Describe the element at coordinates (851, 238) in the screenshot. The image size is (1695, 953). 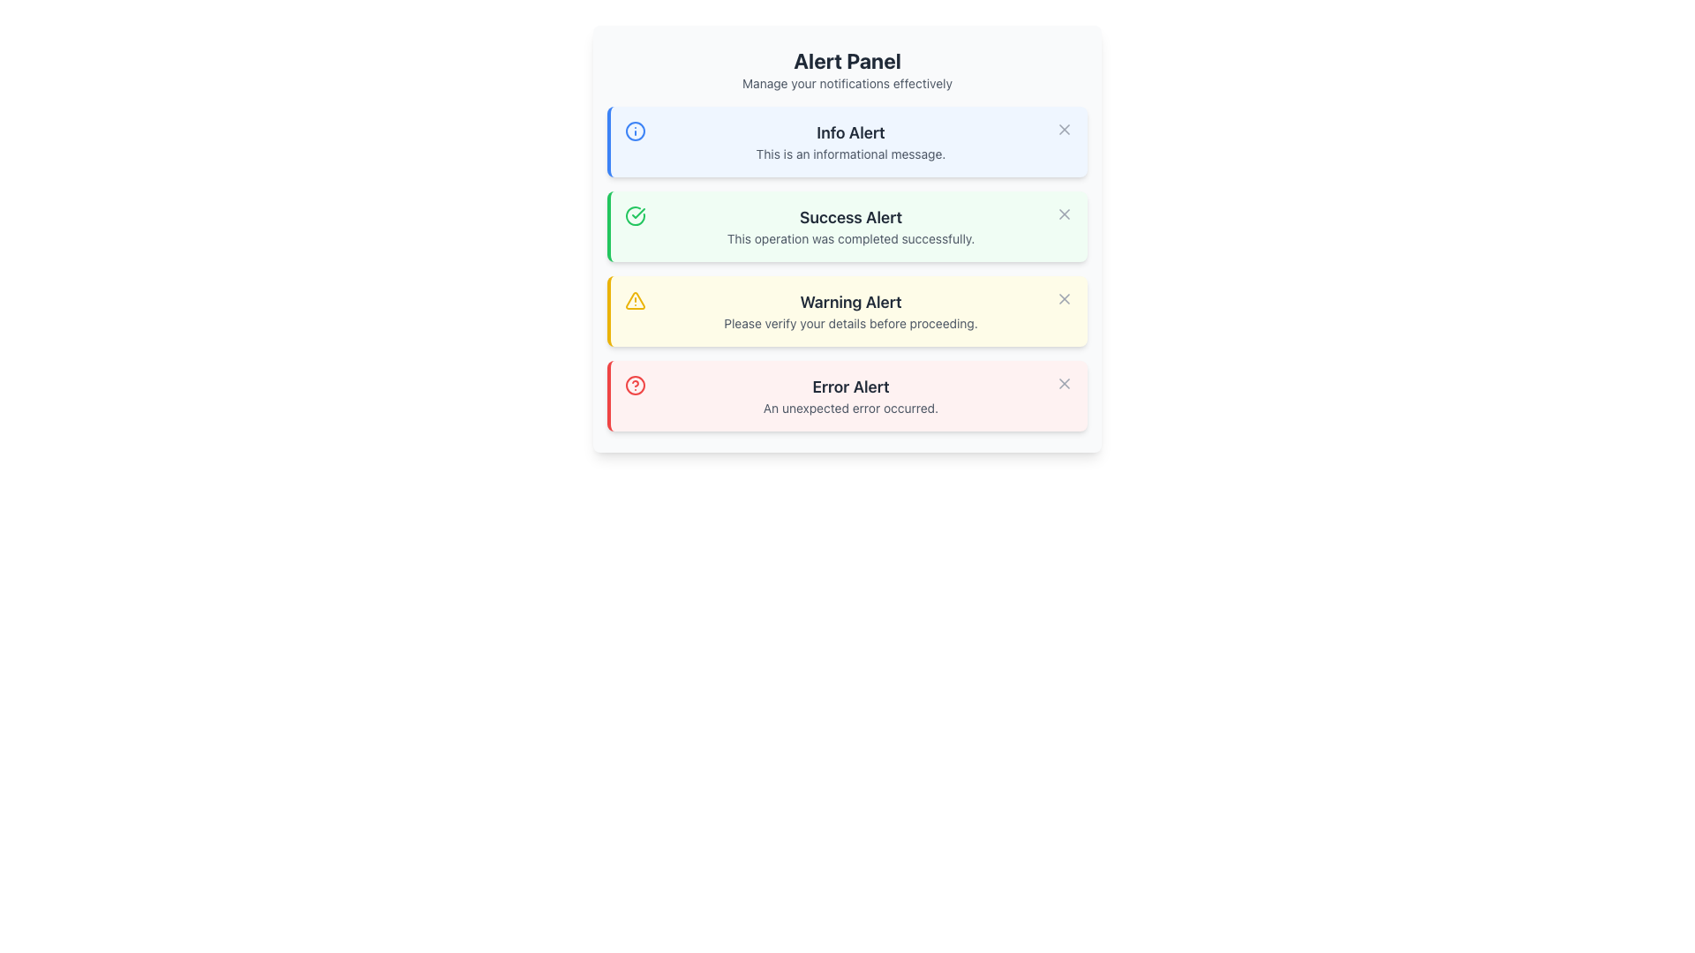
I see `the success message in the 'Success Alert' row of the notification panel, which is centered within the green-highlighted area and positioned above the closing ('X') button` at that location.